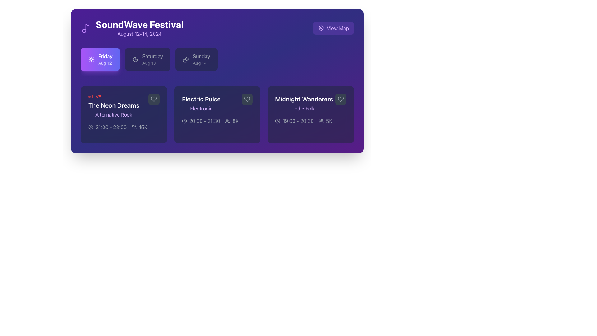 The width and height of the screenshot is (597, 336). Describe the element at coordinates (132, 28) in the screenshot. I see `the header text block with an icon that provides the event name and date, located at the top-left corner of the section` at that location.